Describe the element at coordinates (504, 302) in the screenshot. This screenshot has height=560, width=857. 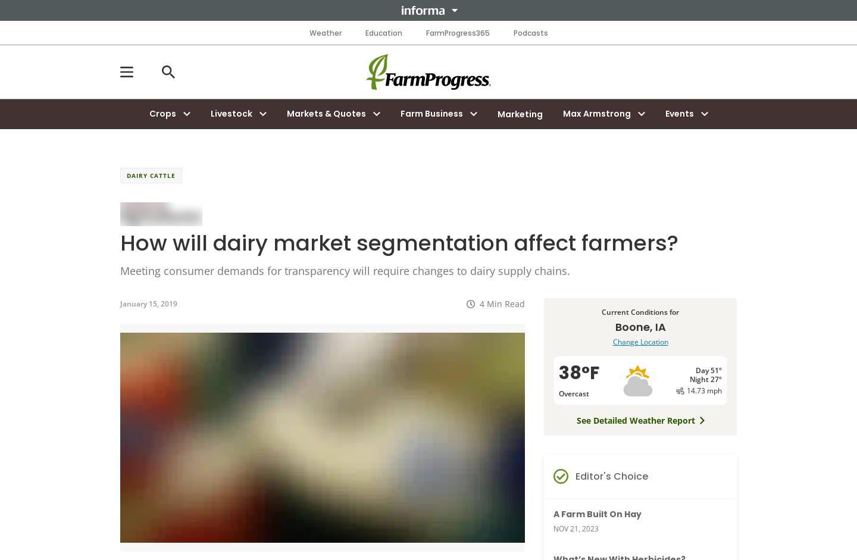
I see `'Read'` at that location.